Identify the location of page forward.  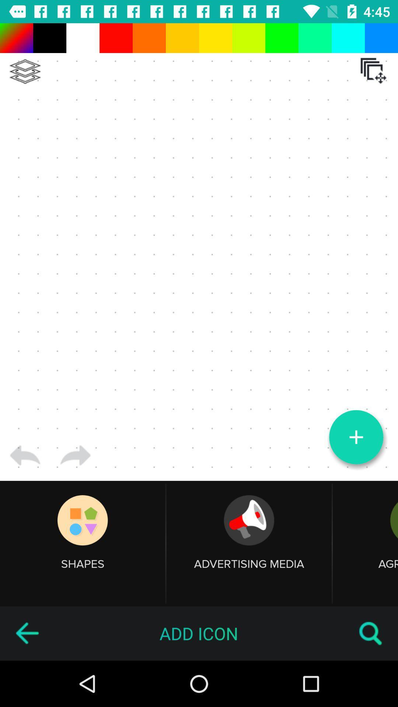
(75, 455).